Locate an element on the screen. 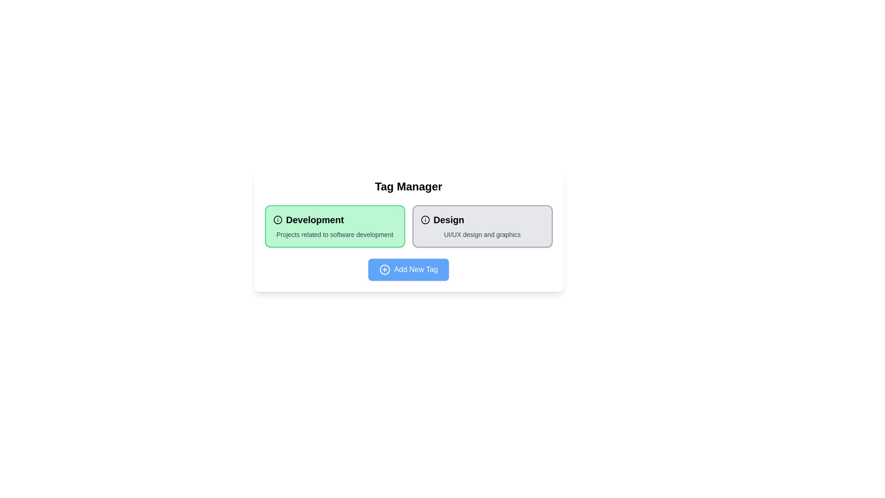 The width and height of the screenshot is (885, 498). the 'Development' text label with an informational icon is located at coordinates (334, 220).